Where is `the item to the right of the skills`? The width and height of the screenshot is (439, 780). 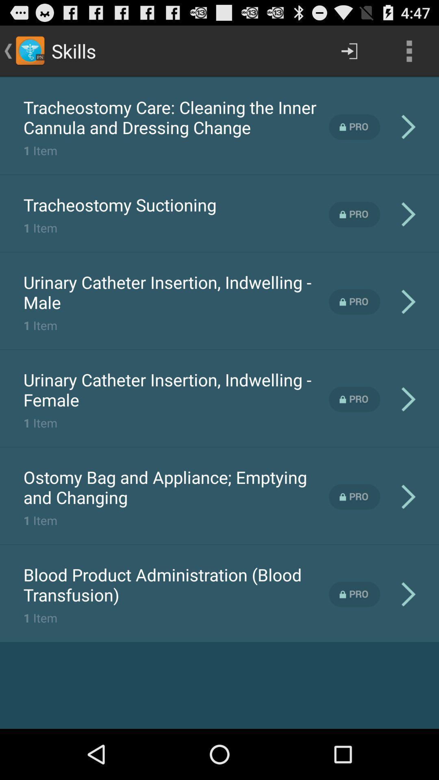
the item to the right of the skills is located at coordinates (349, 50).